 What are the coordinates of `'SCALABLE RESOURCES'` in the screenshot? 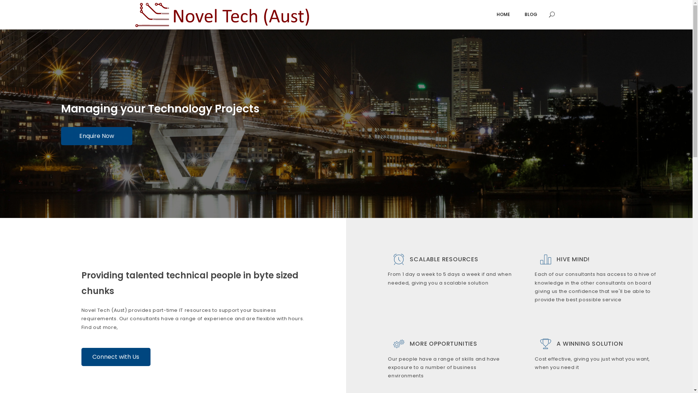 It's located at (410, 258).